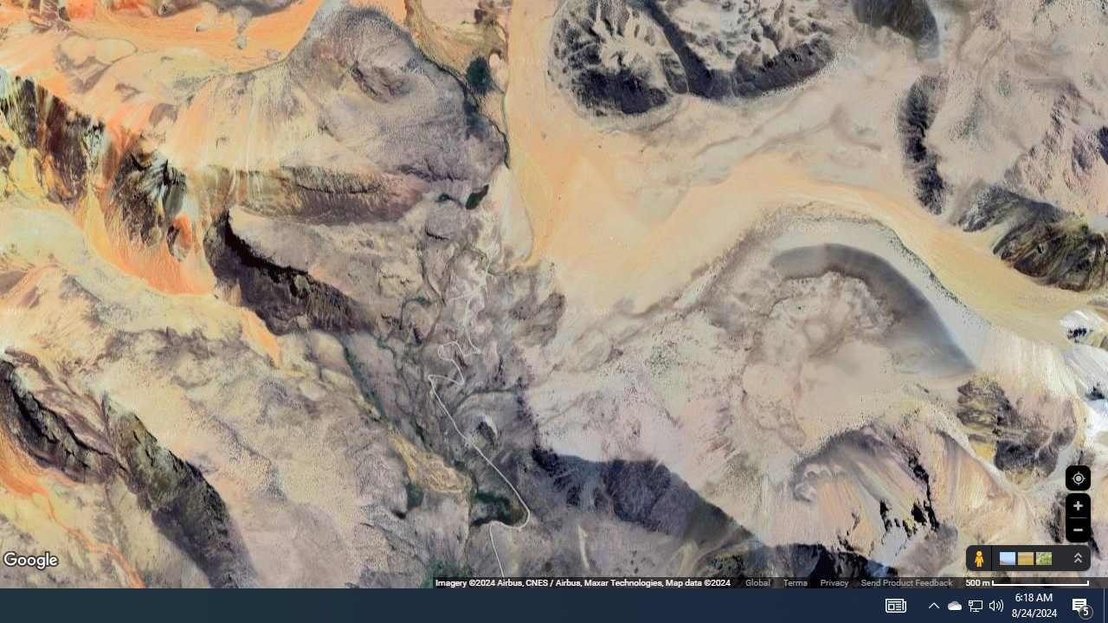 This screenshot has width=1108, height=623. I want to click on '500 m', so click(1027, 582).